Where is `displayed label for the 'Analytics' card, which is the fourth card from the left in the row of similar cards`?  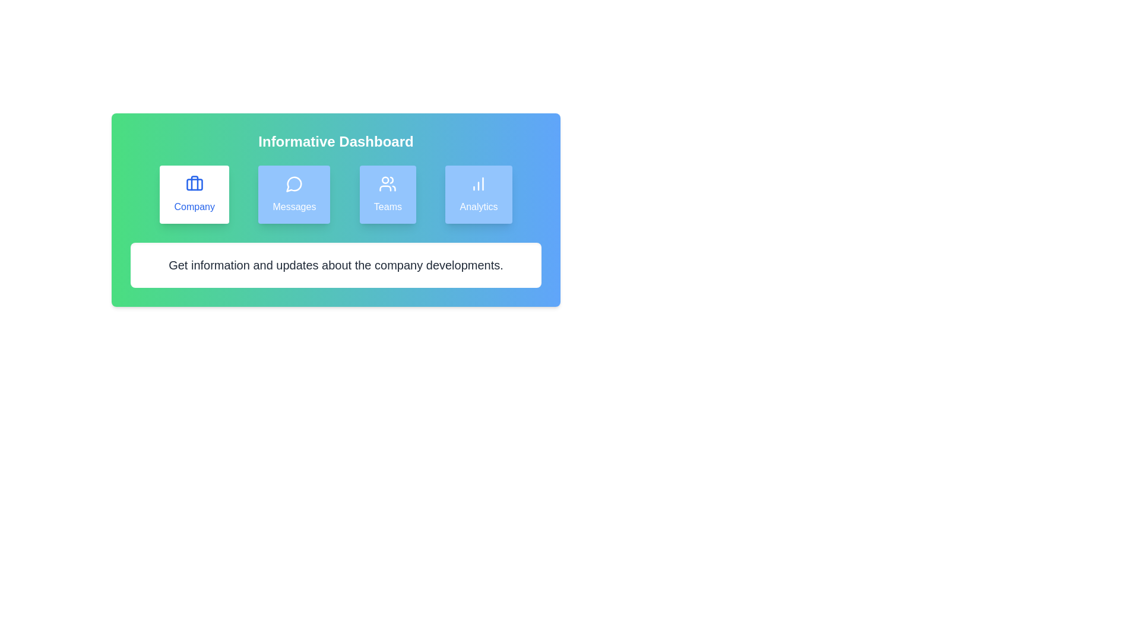
displayed label for the 'Analytics' card, which is the fourth card from the left in the row of similar cards is located at coordinates (479, 206).